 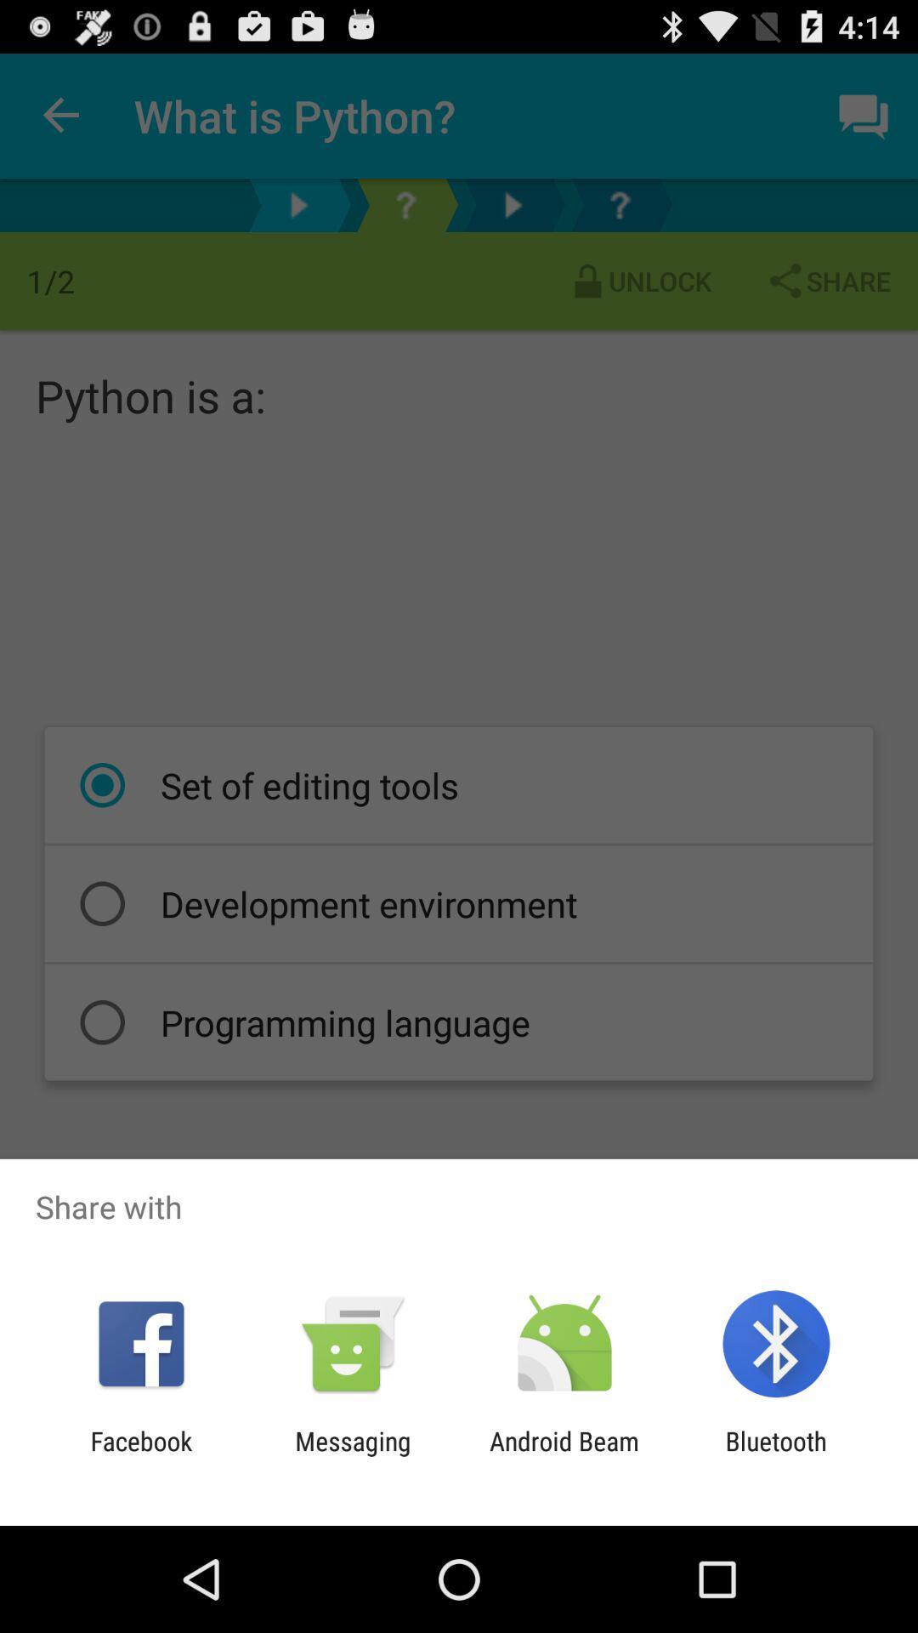 What do you see at coordinates (352, 1455) in the screenshot?
I see `app to the right of the facebook app` at bounding box center [352, 1455].